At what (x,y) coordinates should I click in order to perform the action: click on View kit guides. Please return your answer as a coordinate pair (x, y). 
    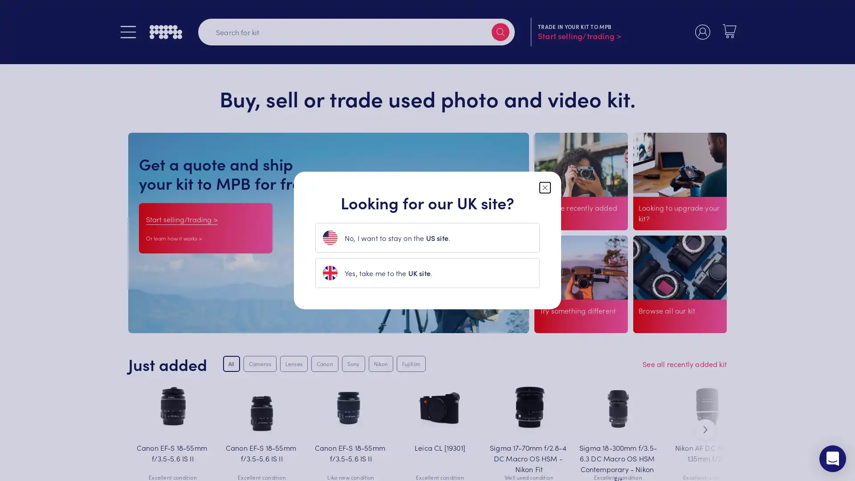
    Looking at the image, I should click on (565, 323).